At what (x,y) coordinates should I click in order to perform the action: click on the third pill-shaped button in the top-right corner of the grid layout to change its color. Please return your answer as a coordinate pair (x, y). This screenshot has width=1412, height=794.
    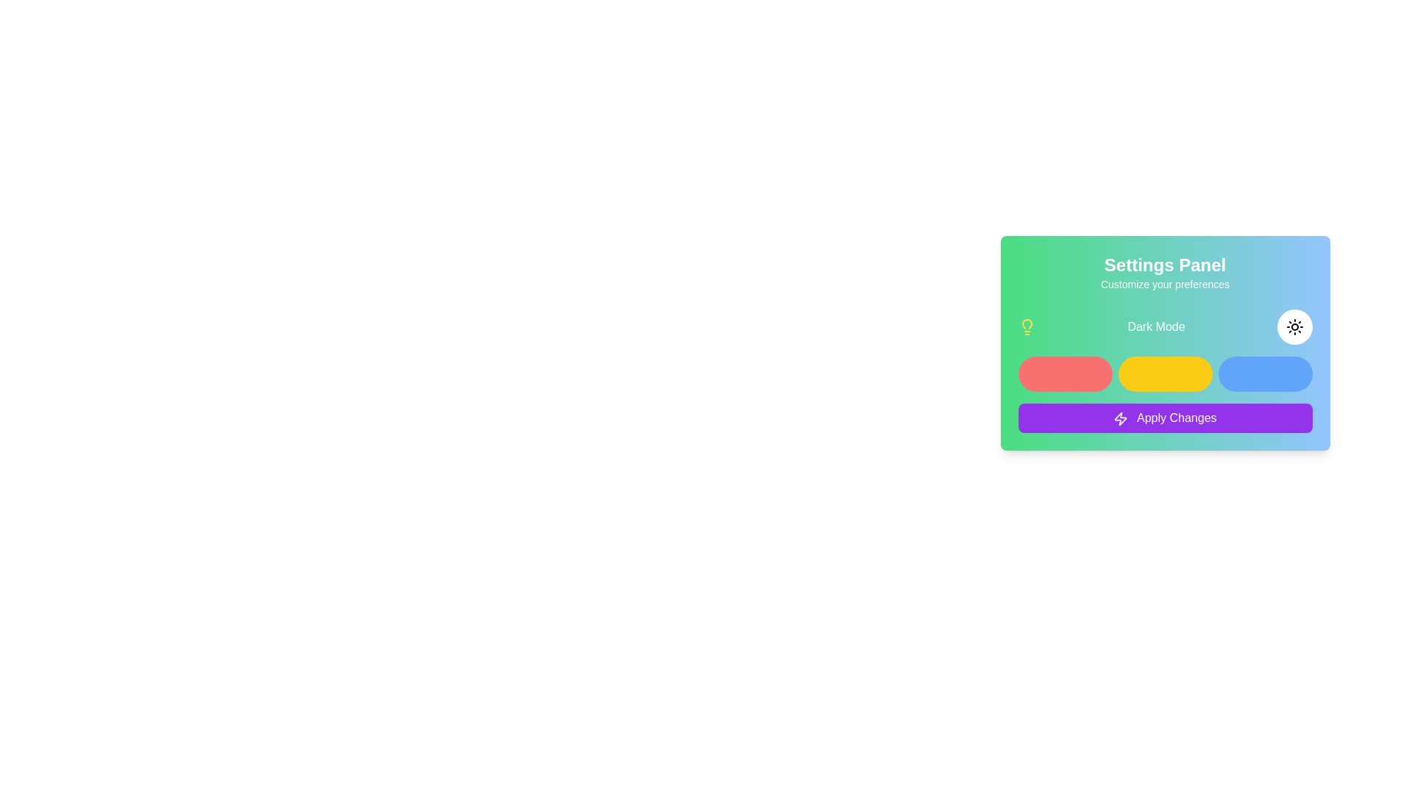
    Looking at the image, I should click on (1264, 373).